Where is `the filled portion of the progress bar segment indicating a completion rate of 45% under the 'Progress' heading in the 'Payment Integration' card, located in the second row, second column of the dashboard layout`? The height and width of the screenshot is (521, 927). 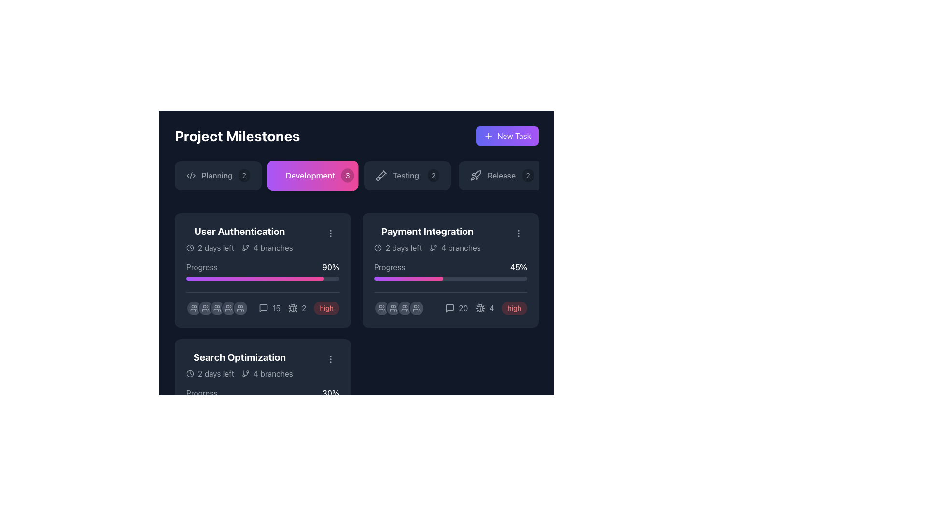
the filled portion of the progress bar segment indicating a completion rate of 45% under the 'Progress' heading in the 'Payment Integration' card, located in the second row, second column of the dashboard layout is located at coordinates (408, 279).